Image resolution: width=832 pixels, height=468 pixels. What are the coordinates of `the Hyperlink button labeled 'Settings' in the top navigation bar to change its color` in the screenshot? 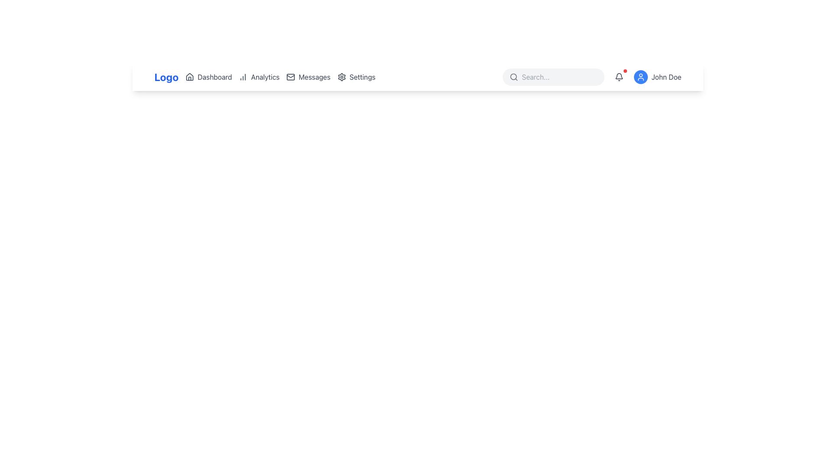 It's located at (356, 76).